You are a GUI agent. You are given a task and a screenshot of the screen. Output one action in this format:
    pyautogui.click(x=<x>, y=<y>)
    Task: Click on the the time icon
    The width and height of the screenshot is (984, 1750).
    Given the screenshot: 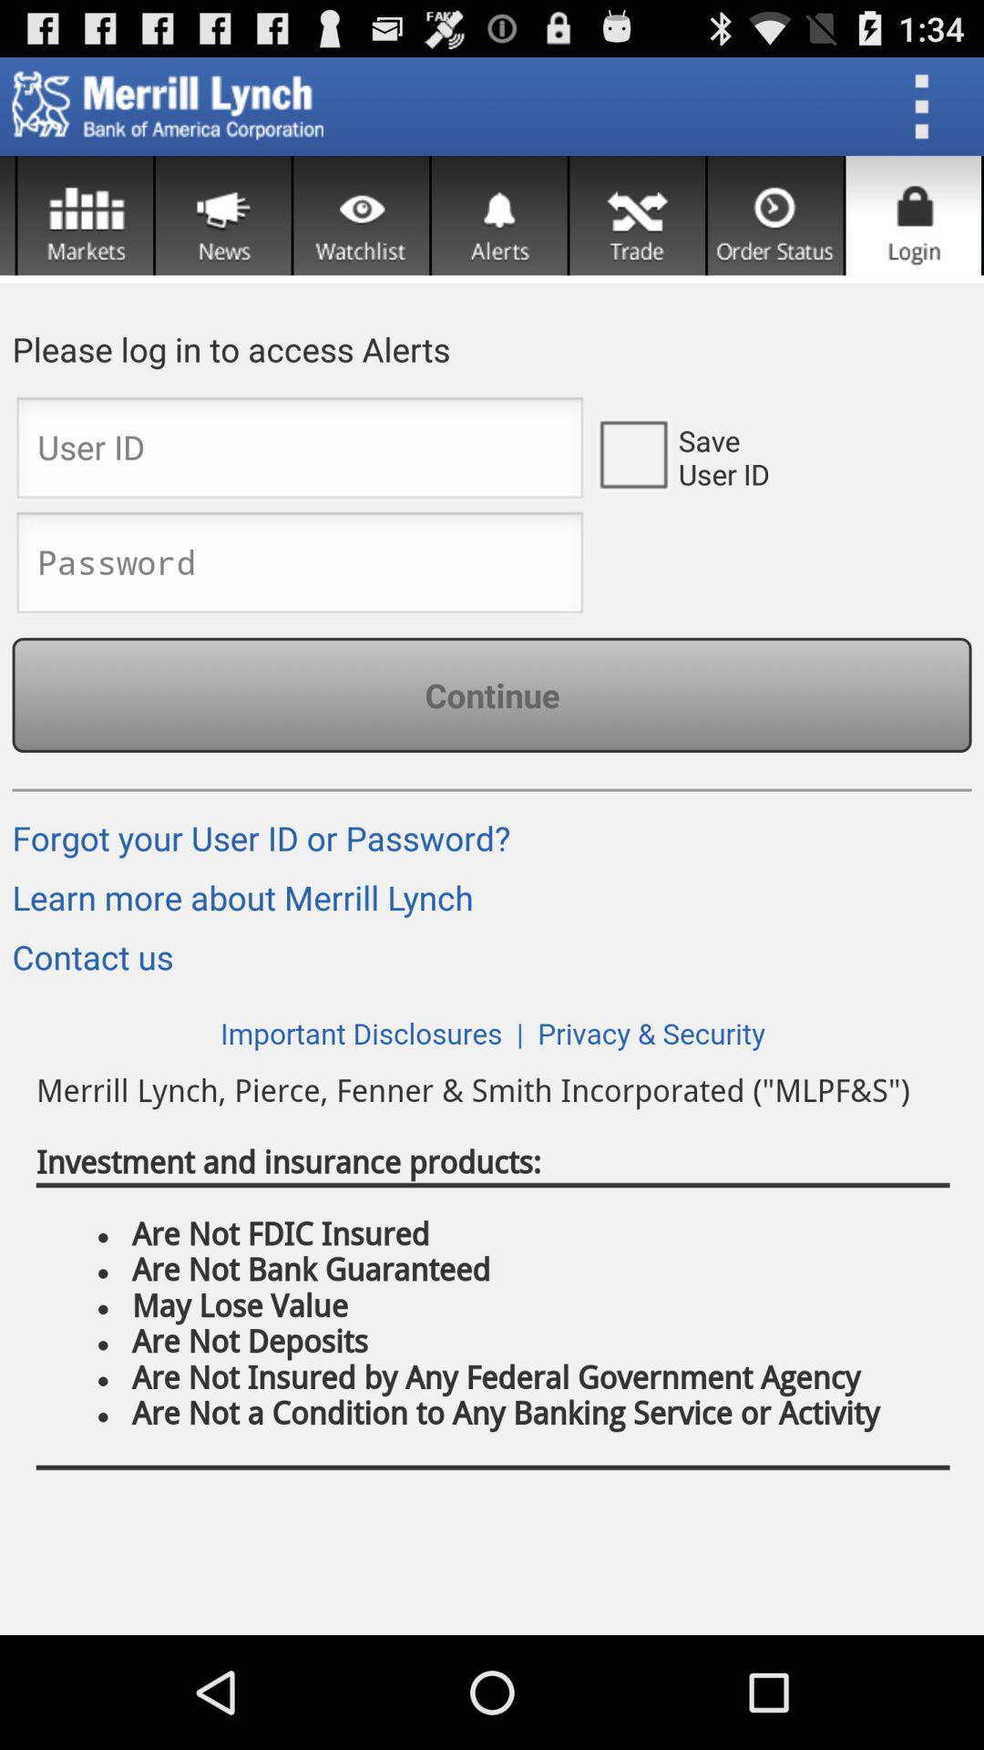 What is the action you would take?
    pyautogui.click(x=775, y=230)
    